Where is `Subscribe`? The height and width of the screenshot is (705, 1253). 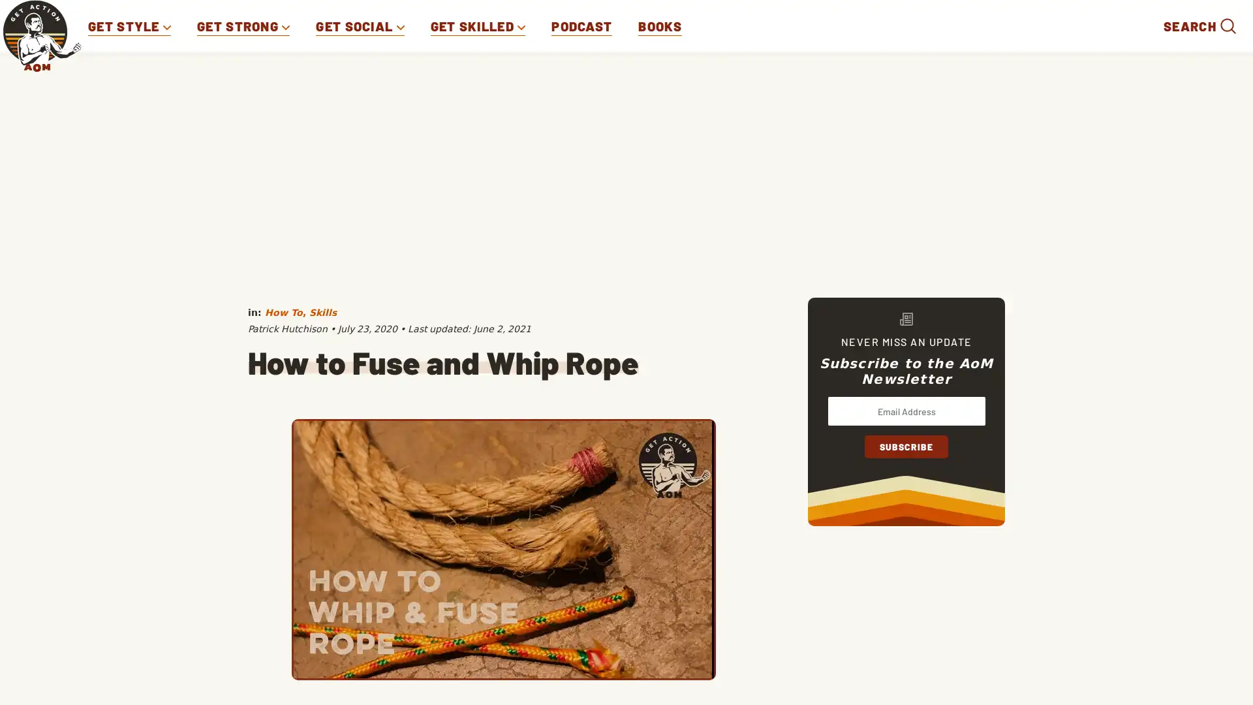 Subscribe is located at coordinates (905, 446).